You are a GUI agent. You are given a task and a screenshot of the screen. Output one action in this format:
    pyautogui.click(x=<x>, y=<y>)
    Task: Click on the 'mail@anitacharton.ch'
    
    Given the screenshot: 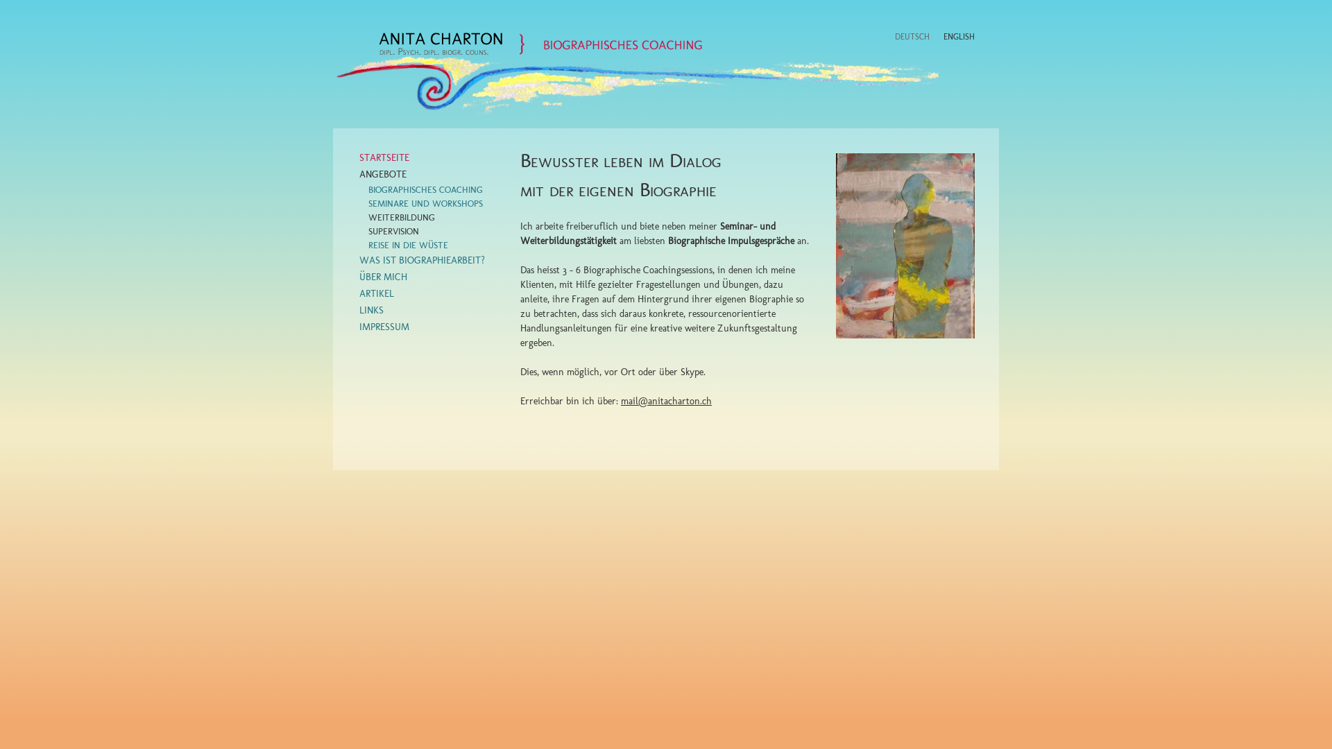 What is the action you would take?
    pyautogui.click(x=666, y=401)
    